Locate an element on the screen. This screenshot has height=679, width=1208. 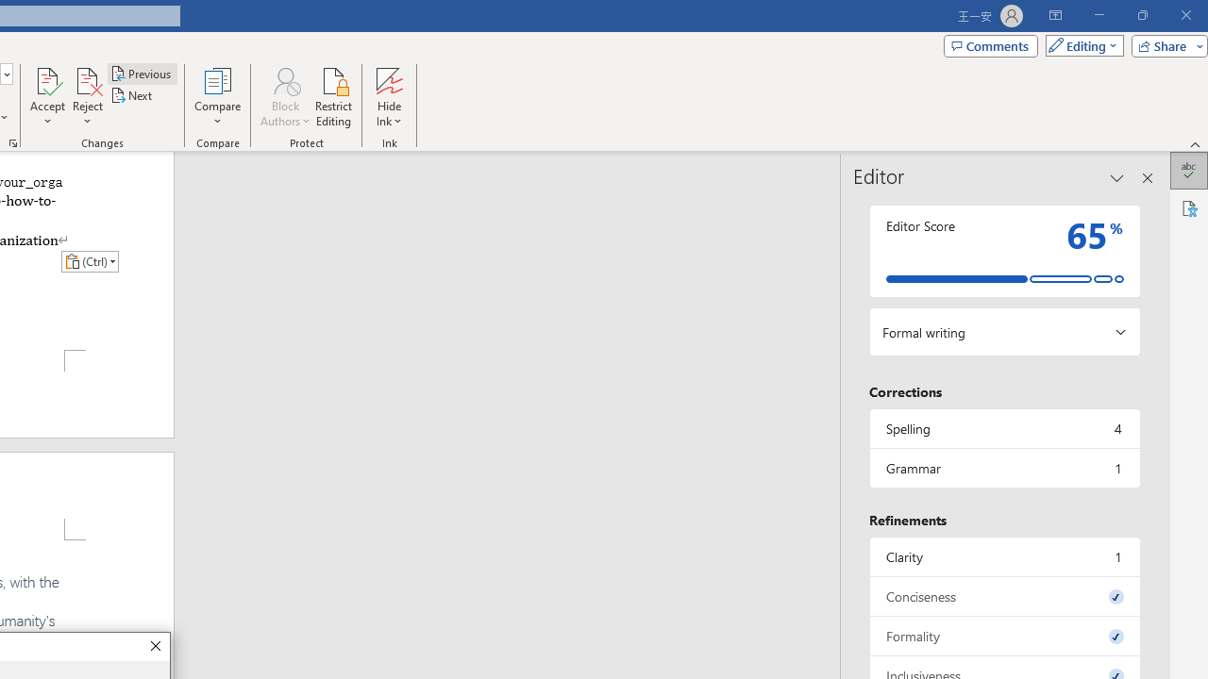
'Previous' is located at coordinates (142, 73).